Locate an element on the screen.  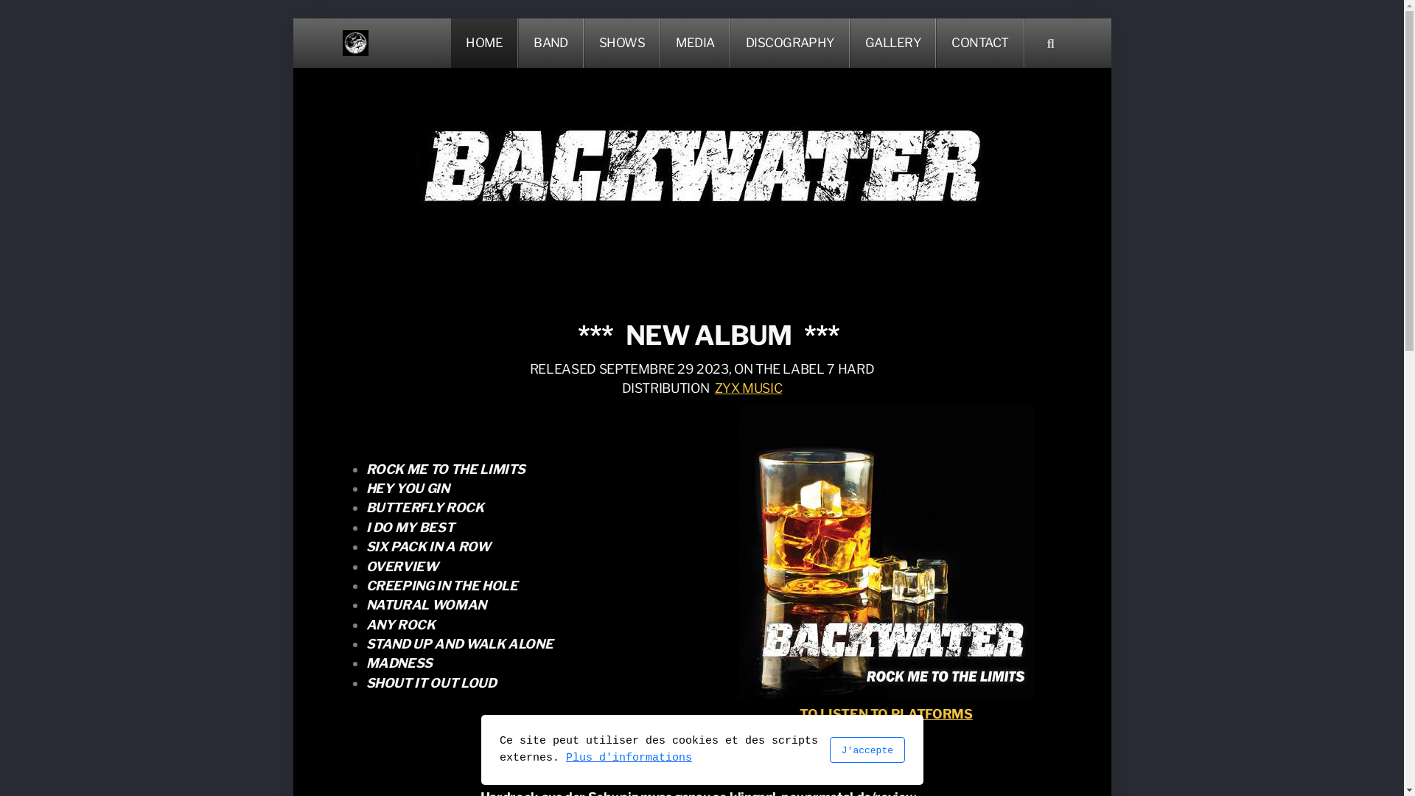
'GALLERY' is located at coordinates (892, 42).